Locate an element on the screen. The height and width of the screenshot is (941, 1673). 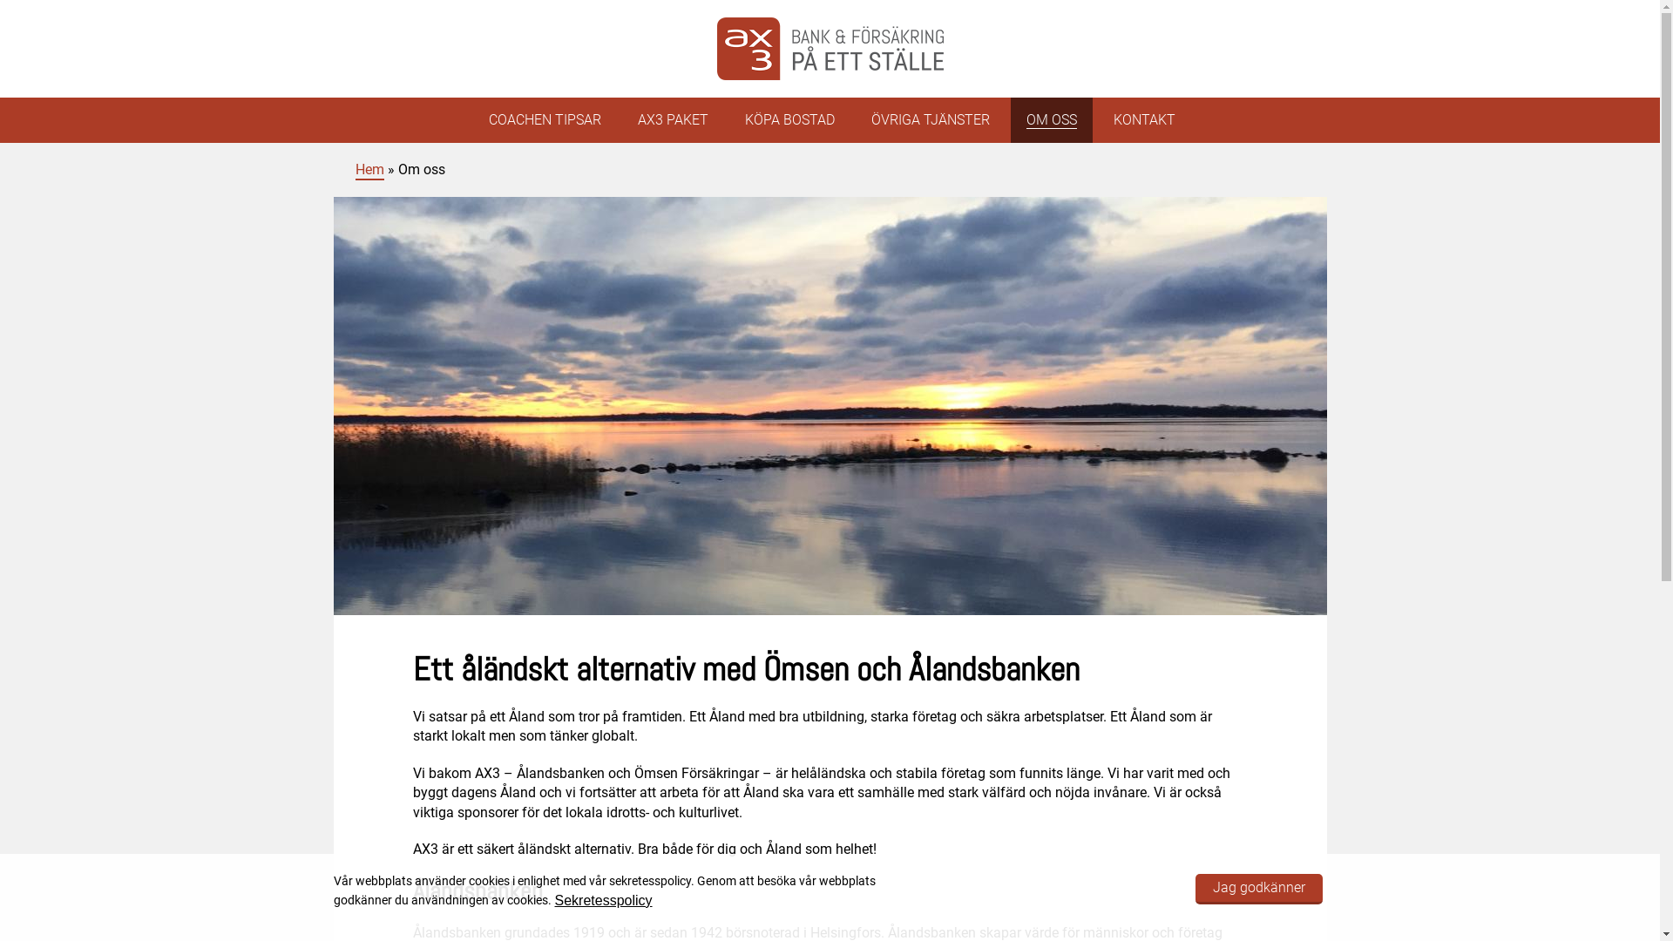
'OM OSS' is located at coordinates (1050, 119).